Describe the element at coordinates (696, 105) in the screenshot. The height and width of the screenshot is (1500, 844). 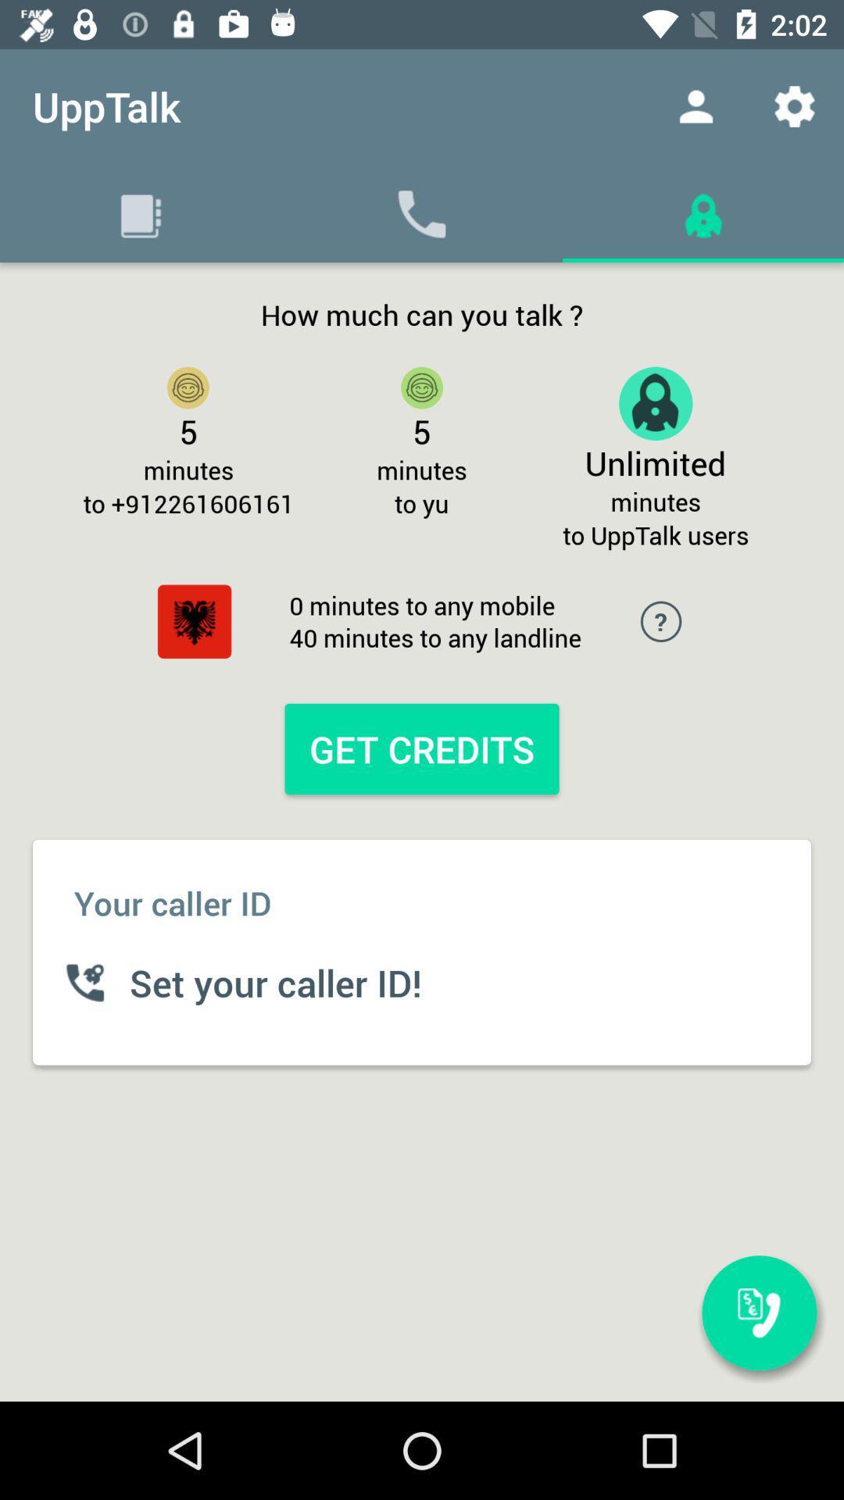
I see `item next to the upptalk icon` at that location.